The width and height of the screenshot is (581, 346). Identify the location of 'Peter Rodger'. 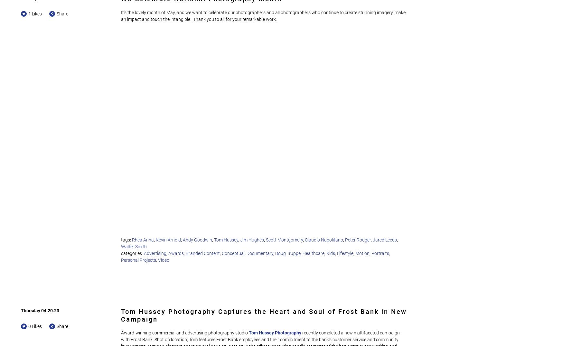
(358, 239).